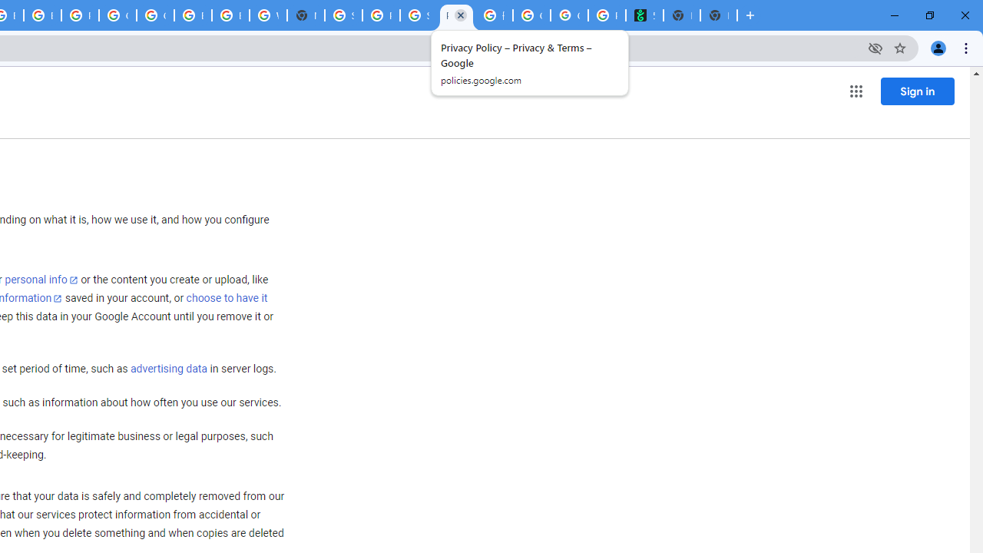 Image resolution: width=983 pixels, height=553 pixels. What do you see at coordinates (875, 47) in the screenshot?
I see `'Third-party cookies blocked'` at bounding box center [875, 47].